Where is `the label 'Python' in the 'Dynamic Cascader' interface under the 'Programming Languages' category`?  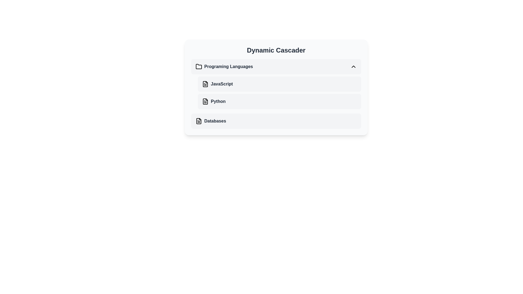 the label 'Python' in the 'Dynamic Cascader' interface under the 'Programming Languages' category is located at coordinates (218, 102).